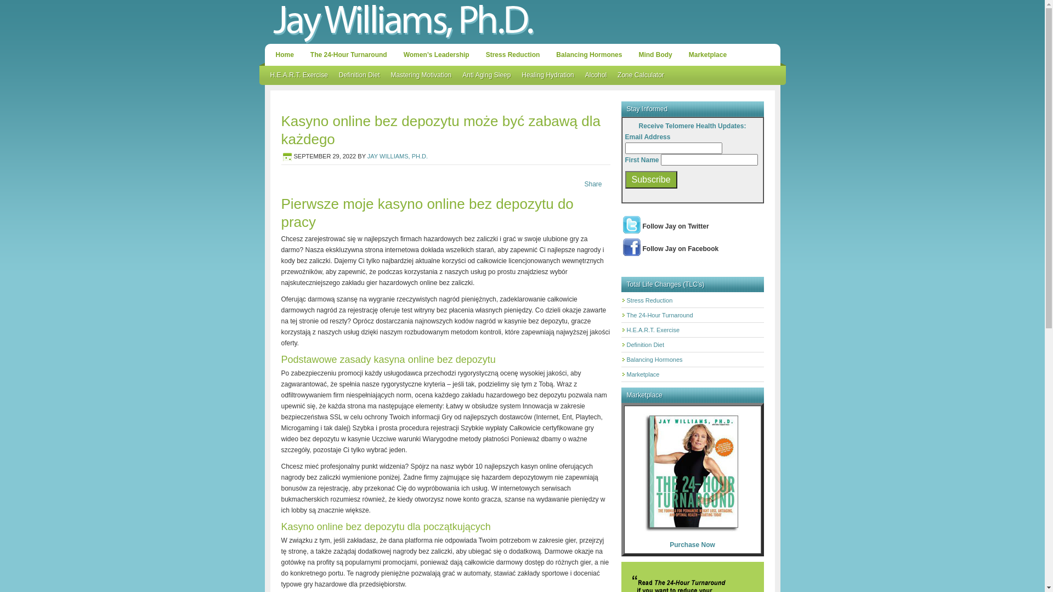 The width and height of the screenshot is (1053, 592). What do you see at coordinates (595, 75) in the screenshot?
I see `'Alcohol'` at bounding box center [595, 75].